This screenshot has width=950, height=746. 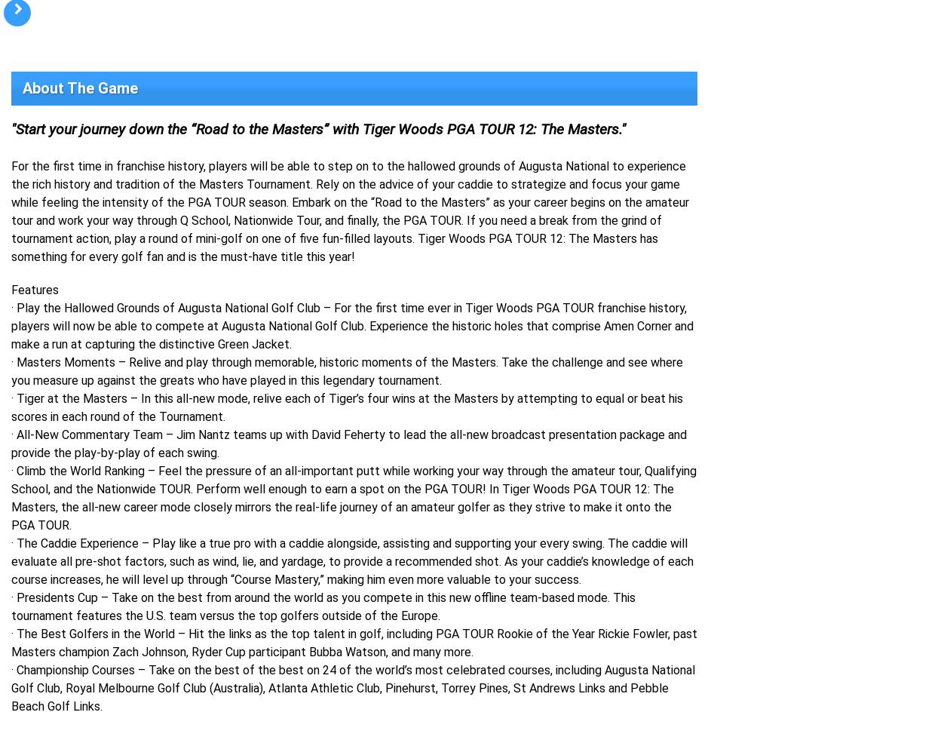 What do you see at coordinates (11, 289) in the screenshot?
I see `'Features'` at bounding box center [11, 289].